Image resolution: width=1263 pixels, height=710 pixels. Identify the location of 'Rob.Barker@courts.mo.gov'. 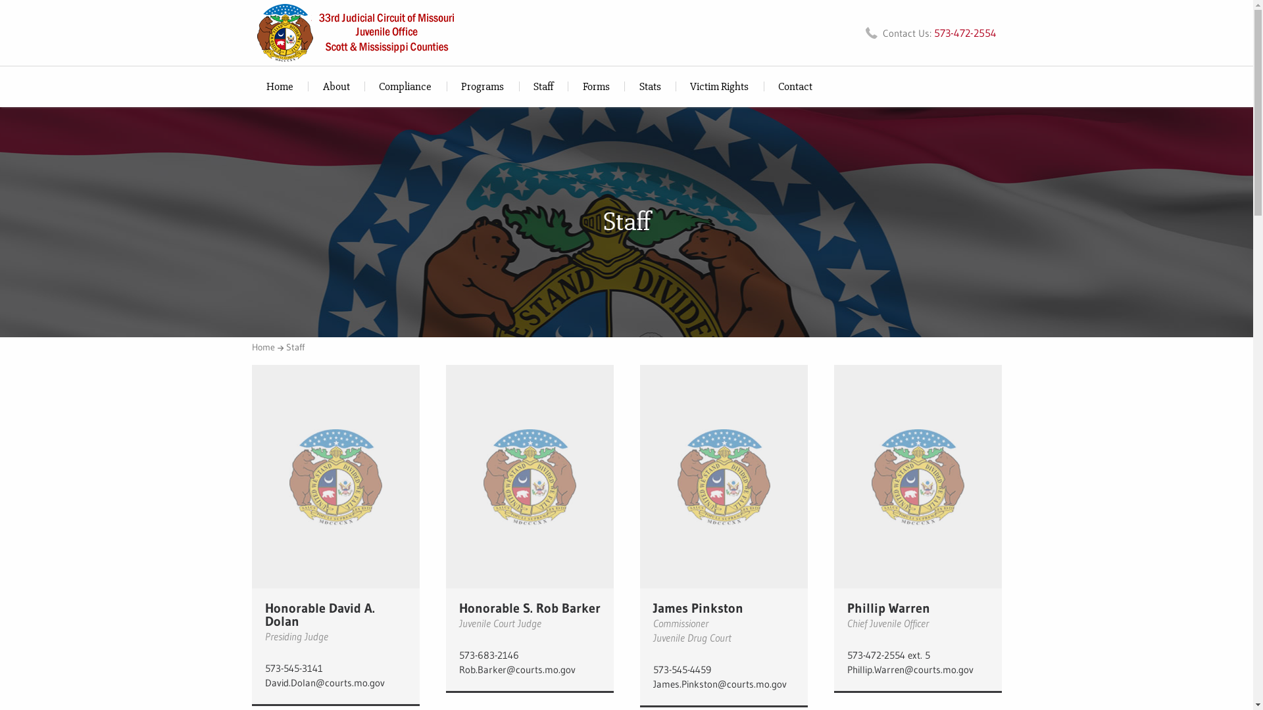
(530, 670).